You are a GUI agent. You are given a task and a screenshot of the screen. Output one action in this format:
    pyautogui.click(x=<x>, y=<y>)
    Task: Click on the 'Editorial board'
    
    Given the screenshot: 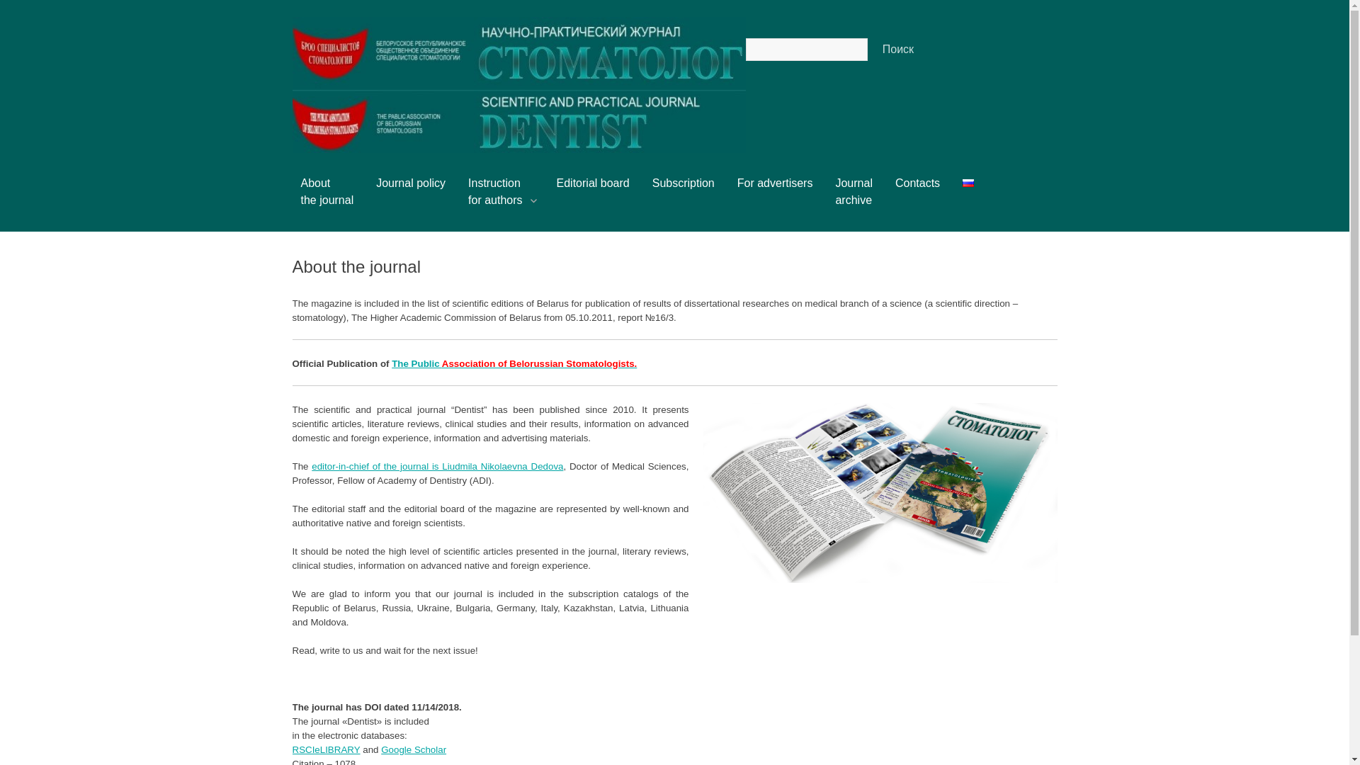 What is the action you would take?
    pyautogui.click(x=593, y=188)
    